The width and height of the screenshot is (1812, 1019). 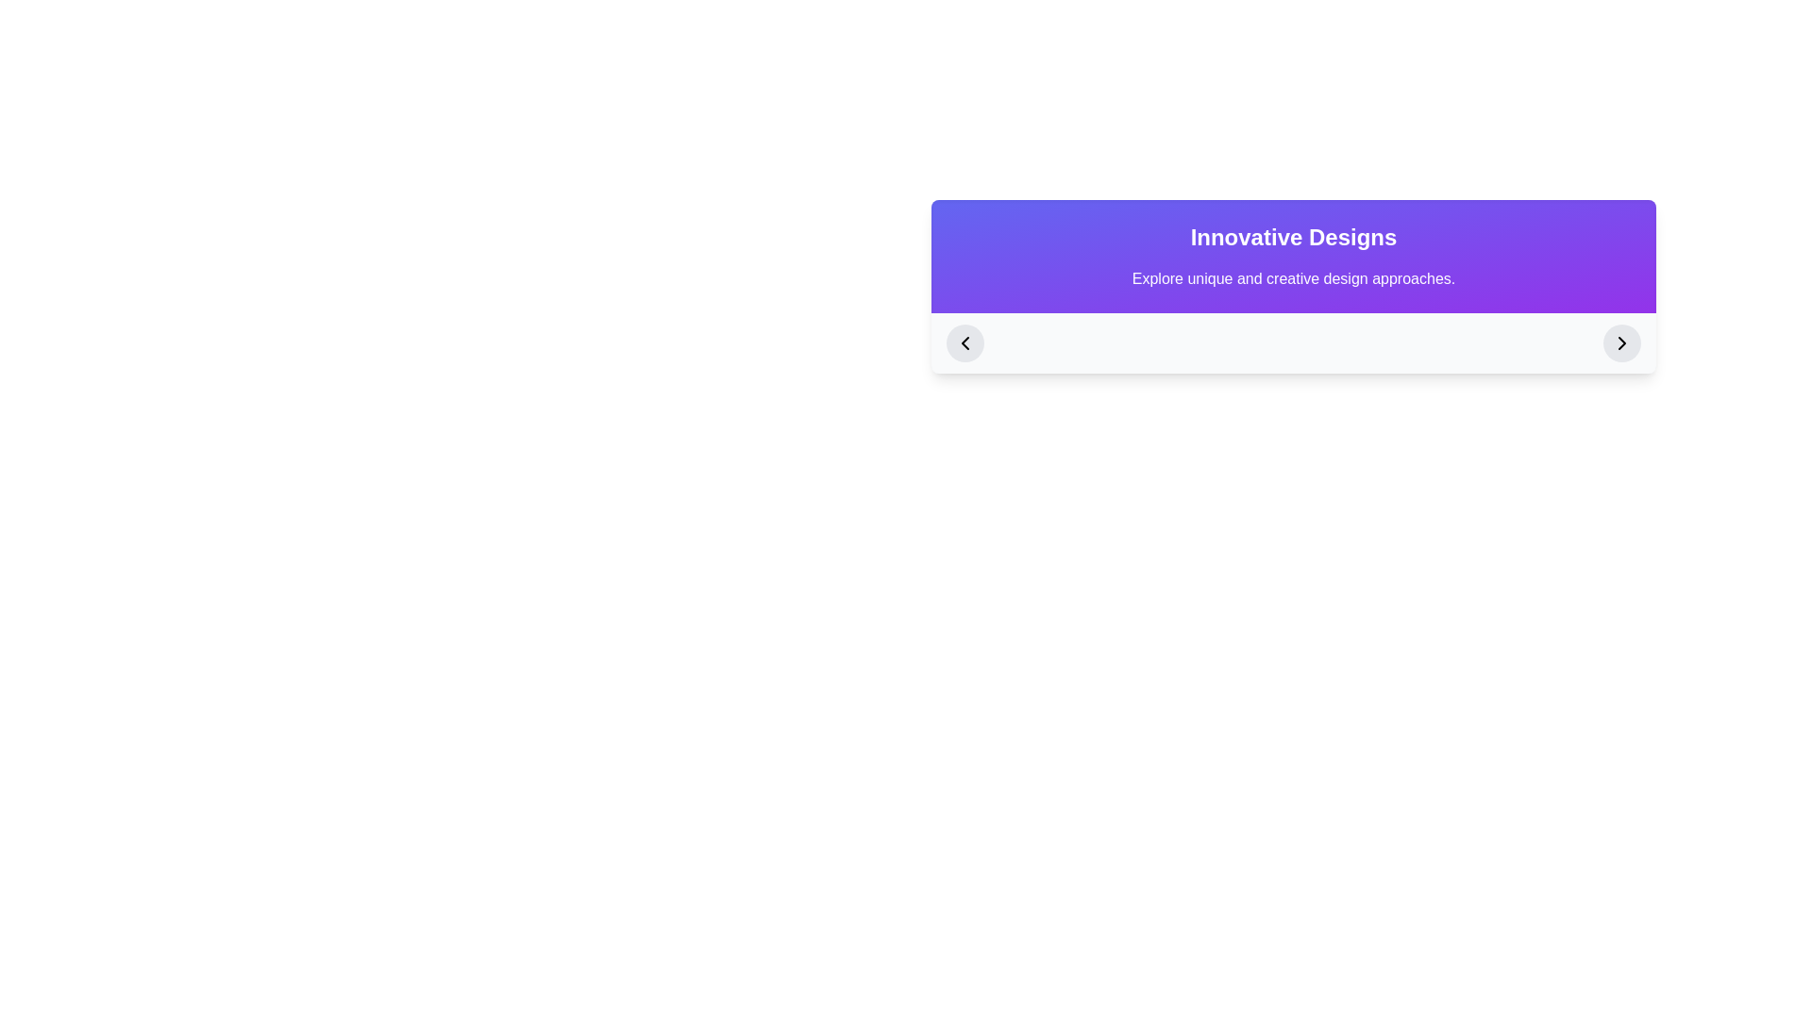 What do you see at coordinates (1620, 342) in the screenshot?
I see `the circular button with a light gray background and a rightward-pointing chevron icon` at bounding box center [1620, 342].